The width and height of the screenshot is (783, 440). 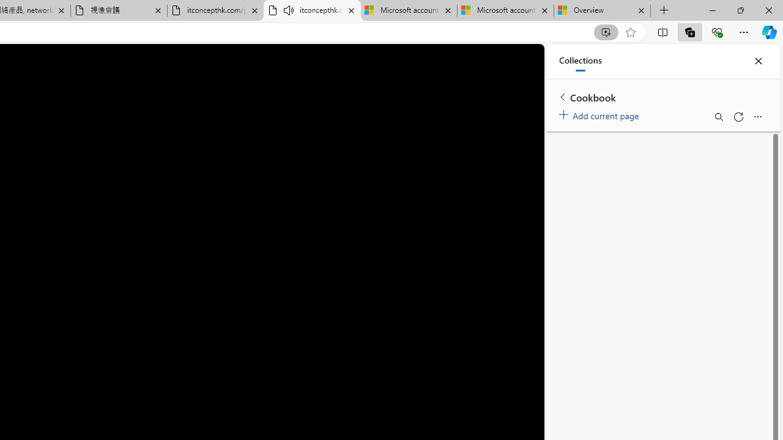 I want to click on 'Mute tab', so click(x=288, y=10).